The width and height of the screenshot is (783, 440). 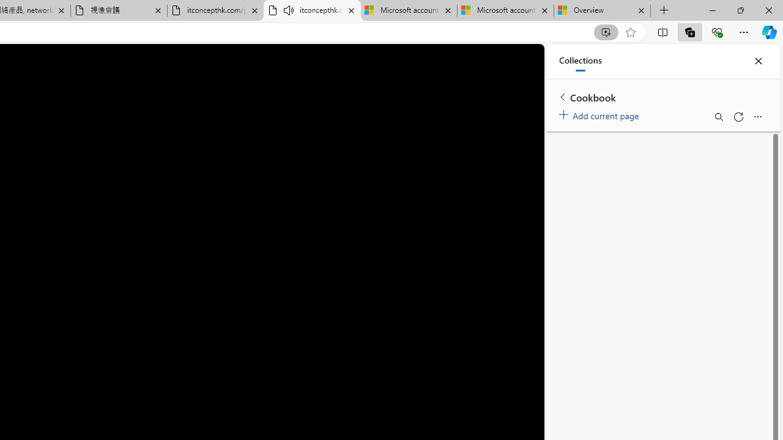 I want to click on 'Mute tab', so click(x=288, y=10).